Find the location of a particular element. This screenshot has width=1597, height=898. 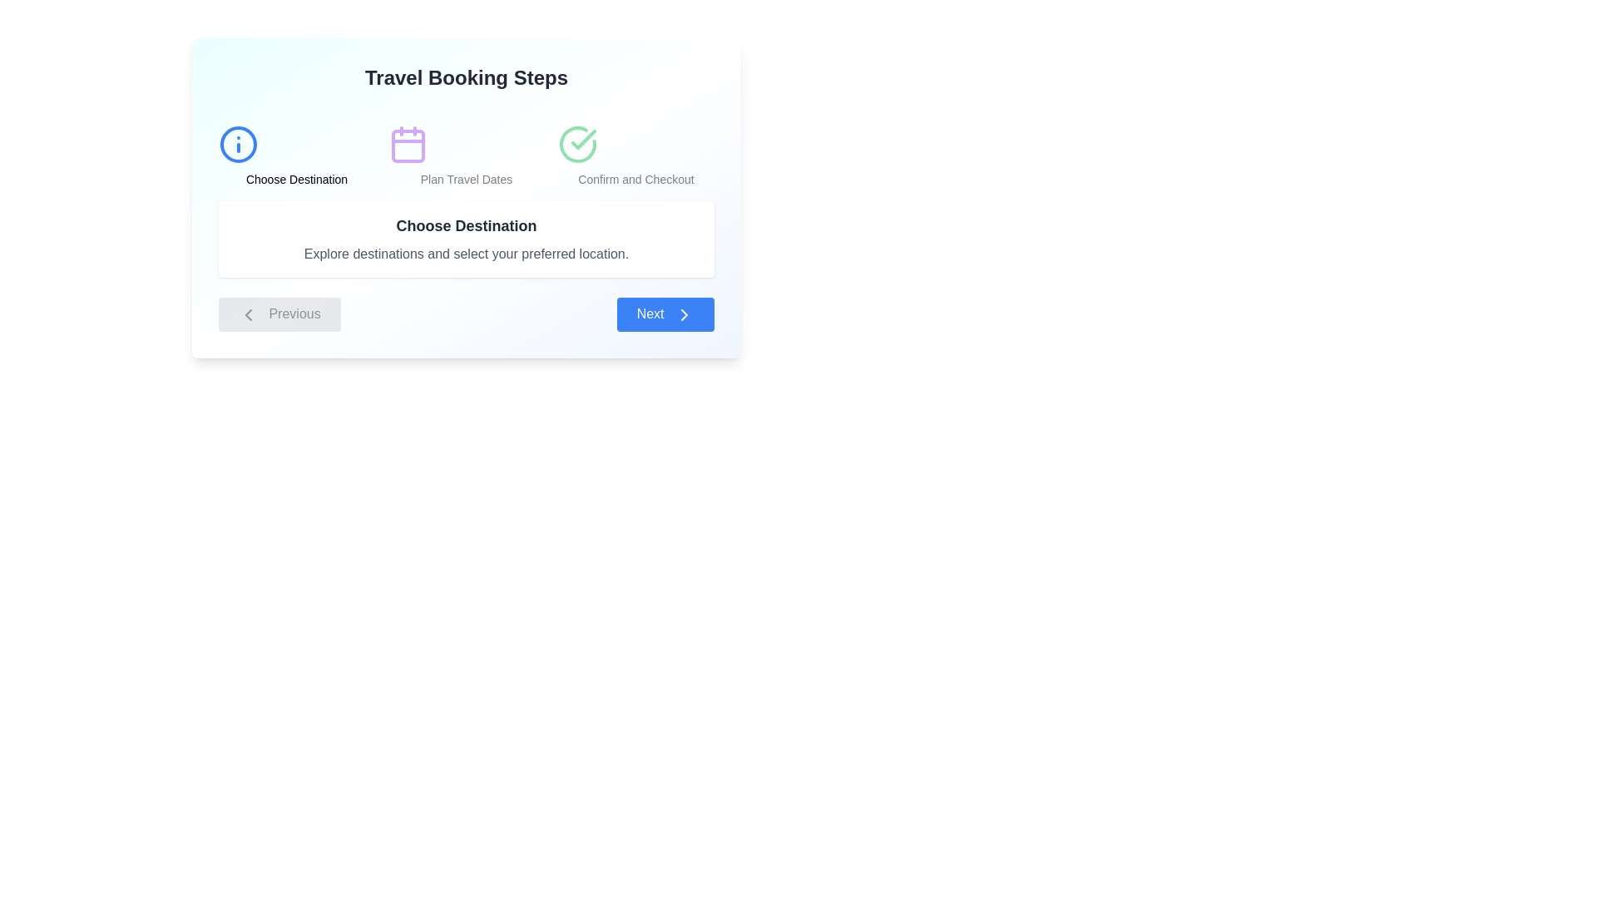

the travel planning icon located at the top center of the navigation header for travel booking steps, positioned between a blue information icon and a green checkmark icon is located at coordinates (408, 143).